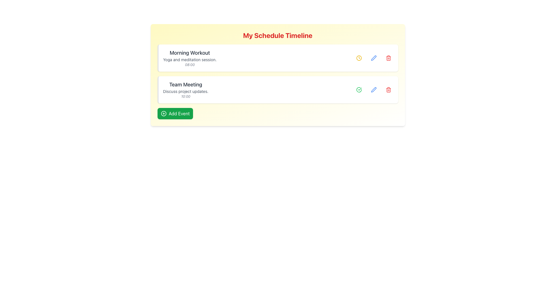 The height and width of the screenshot is (306, 545). Describe the element at coordinates (374, 58) in the screenshot. I see `the edit button located in the first row of 'My Schedule Timeline' to modify the details of the 'Morning Workout' schedule entry` at that location.